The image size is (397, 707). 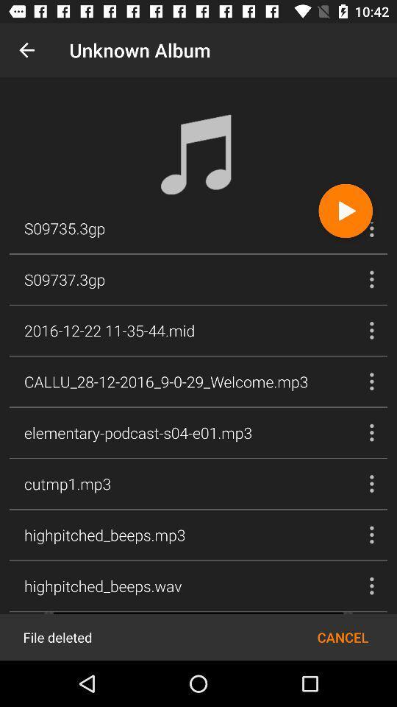 What do you see at coordinates (346, 210) in the screenshot?
I see `play` at bounding box center [346, 210].